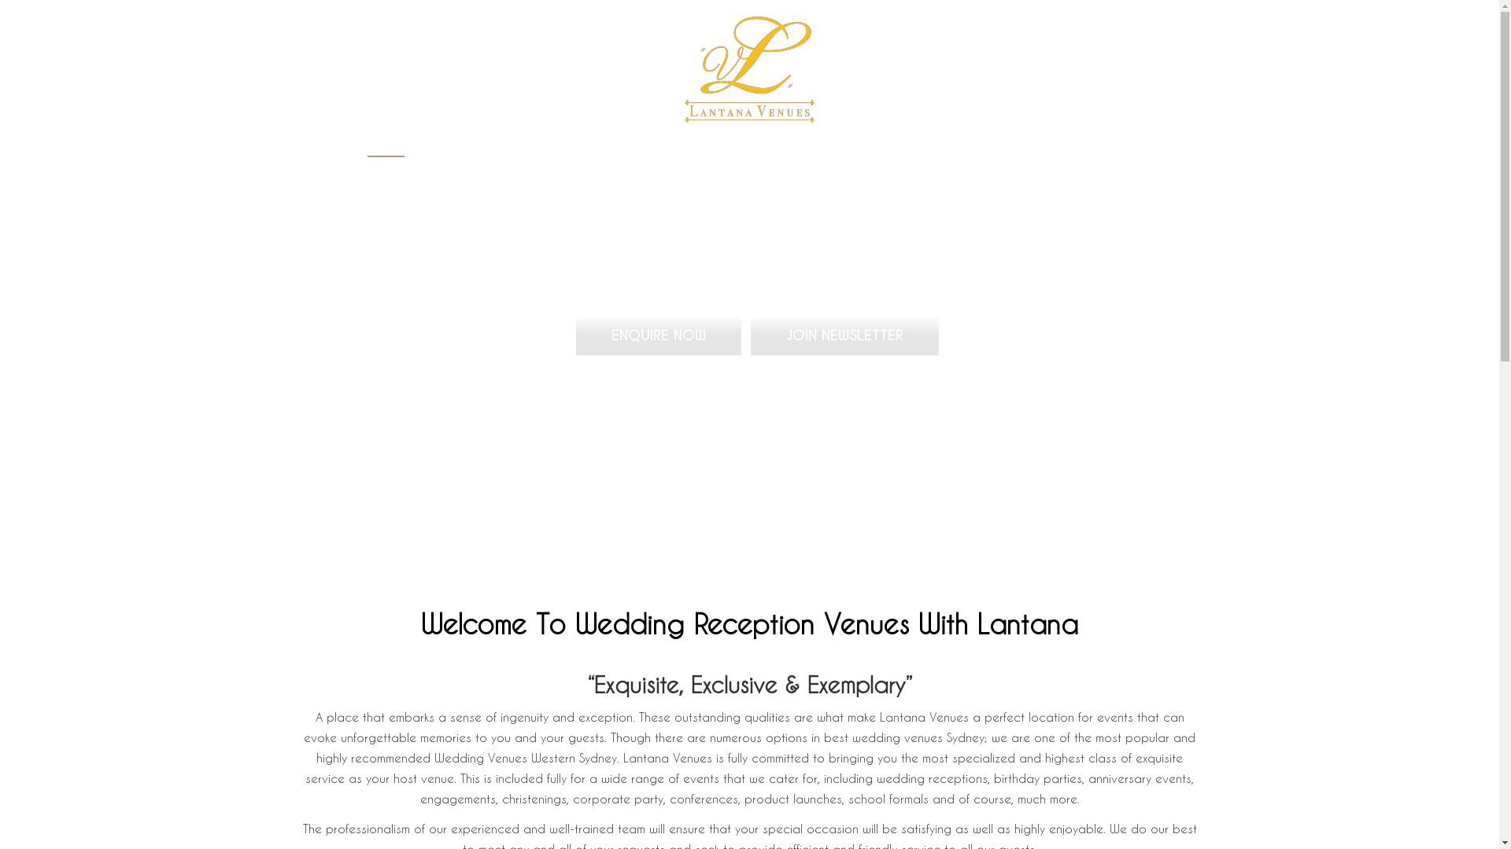  What do you see at coordinates (713, 148) in the screenshot?
I see `'SERVICES'` at bounding box center [713, 148].